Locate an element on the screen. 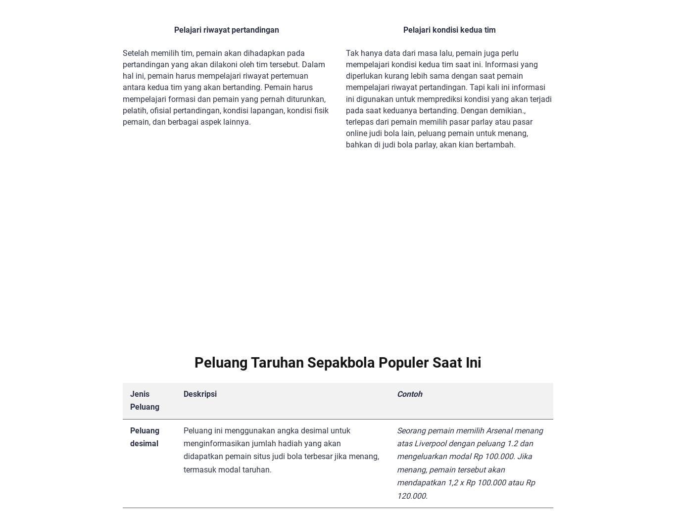 This screenshot has height=516, width=676. 'Pelajari kondisi kedua tim' is located at coordinates (402, 29).